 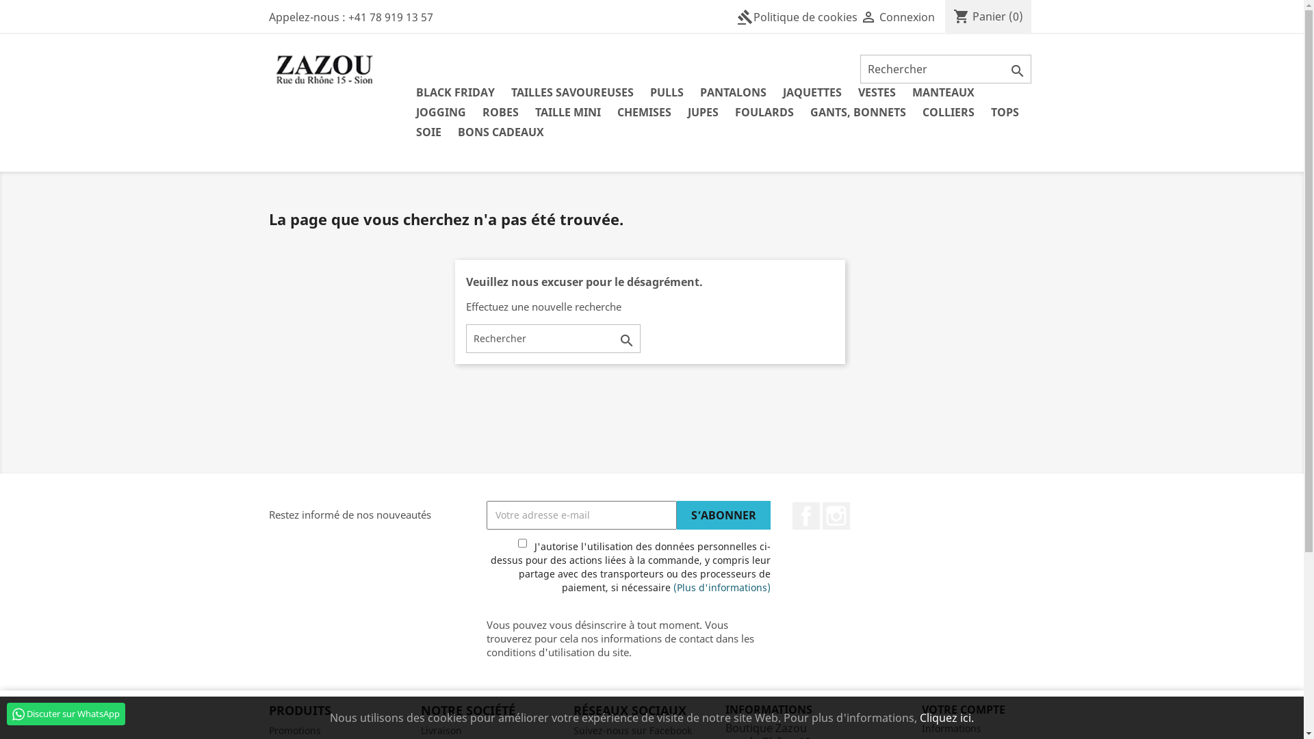 I want to click on 'BLACK FRIDAY', so click(x=455, y=92).